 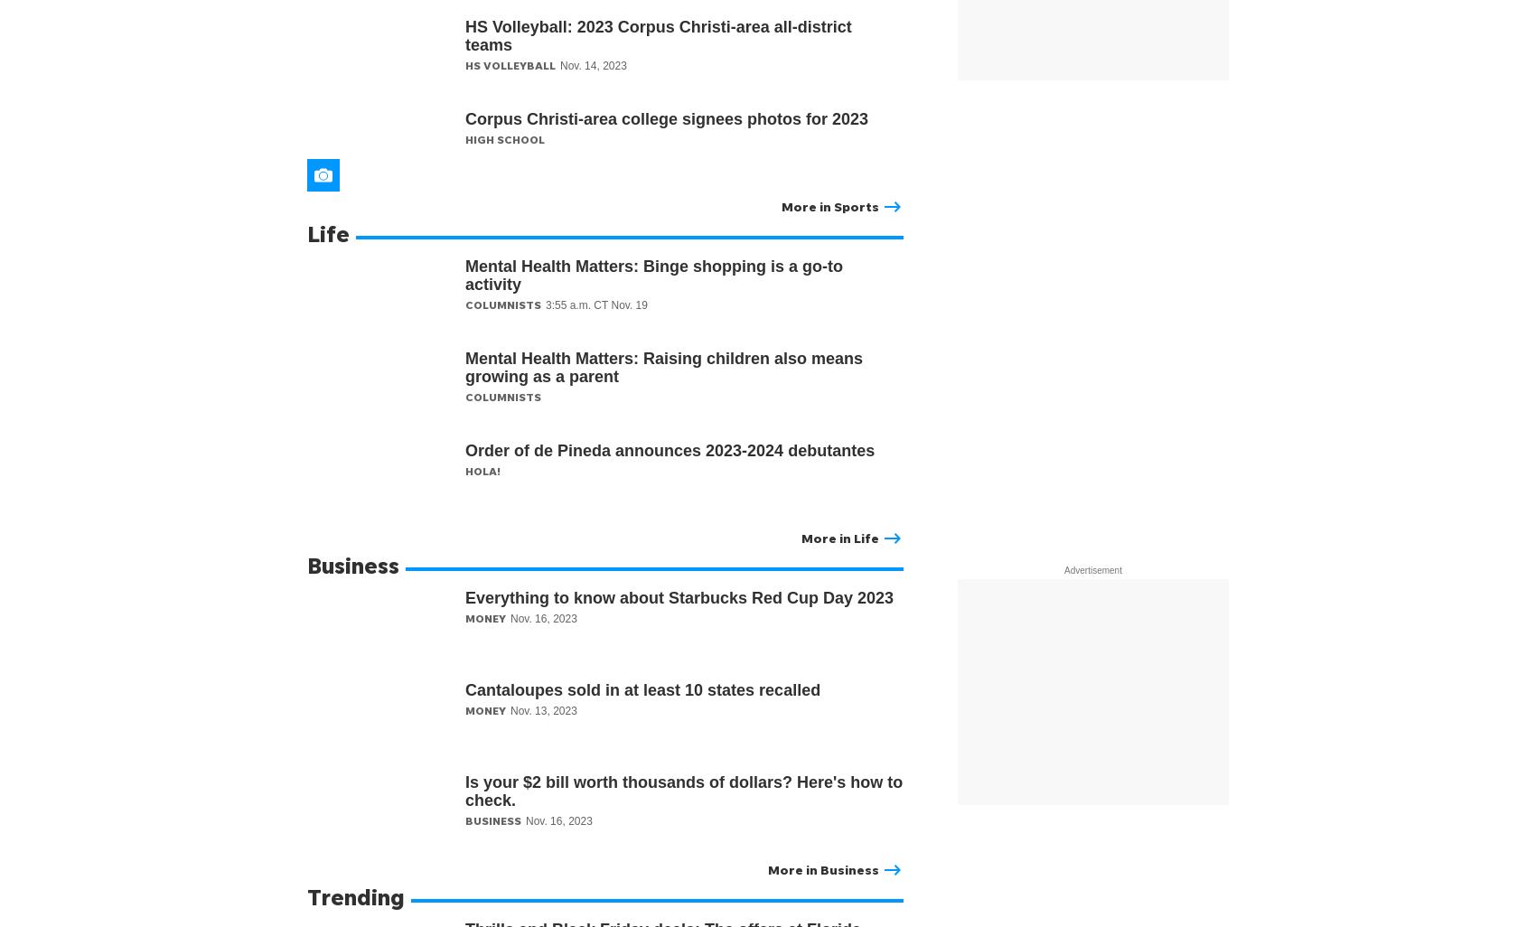 I want to click on 'More in Sports', so click(x=830, y=206).